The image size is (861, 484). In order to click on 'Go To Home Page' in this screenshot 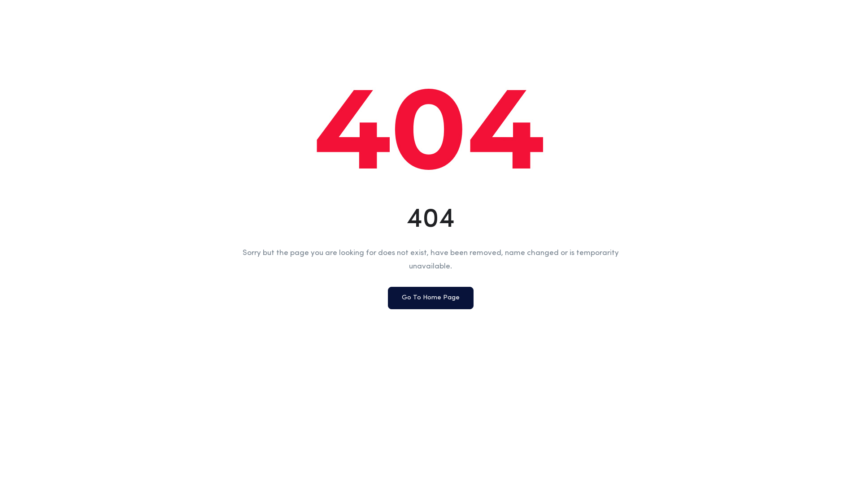, I will do `click(430, 298)`.